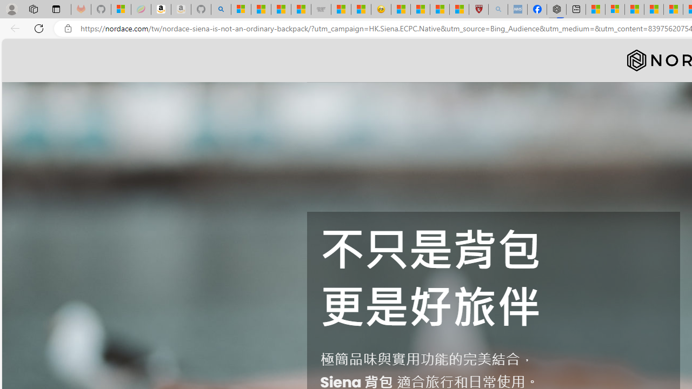 The width and height of the screenshot is (692, 389). I want to click on '12 Popular Science Lies that Must be Corrected', so click(459, 9).